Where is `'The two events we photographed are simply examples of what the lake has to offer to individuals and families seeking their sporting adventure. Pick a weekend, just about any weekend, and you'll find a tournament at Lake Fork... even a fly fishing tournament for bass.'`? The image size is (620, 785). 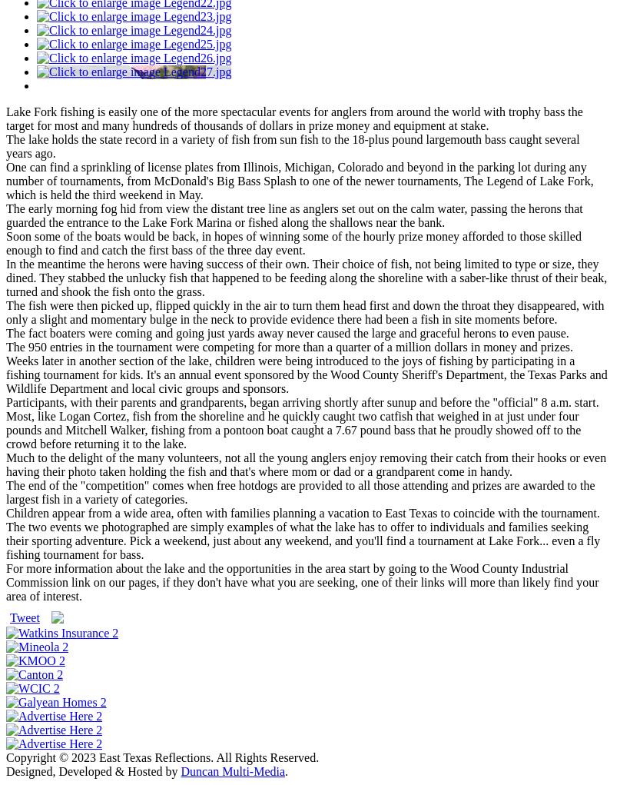
'The two events we photographed are simply examples of what the lake has to offer to individuals and families seeking their sporting adventure. Pick a weekend, just about any weekend, and you'll find a tournament at Lake Fork... even a fly fishing tournament for bass.' is located at coordinates (303, 540).